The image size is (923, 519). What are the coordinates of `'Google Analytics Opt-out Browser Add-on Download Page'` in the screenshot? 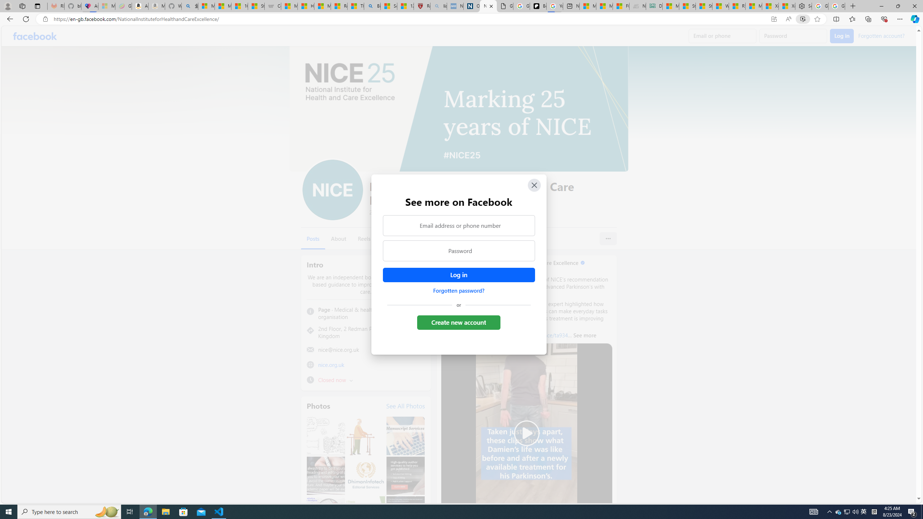 It's located at (504, 6).